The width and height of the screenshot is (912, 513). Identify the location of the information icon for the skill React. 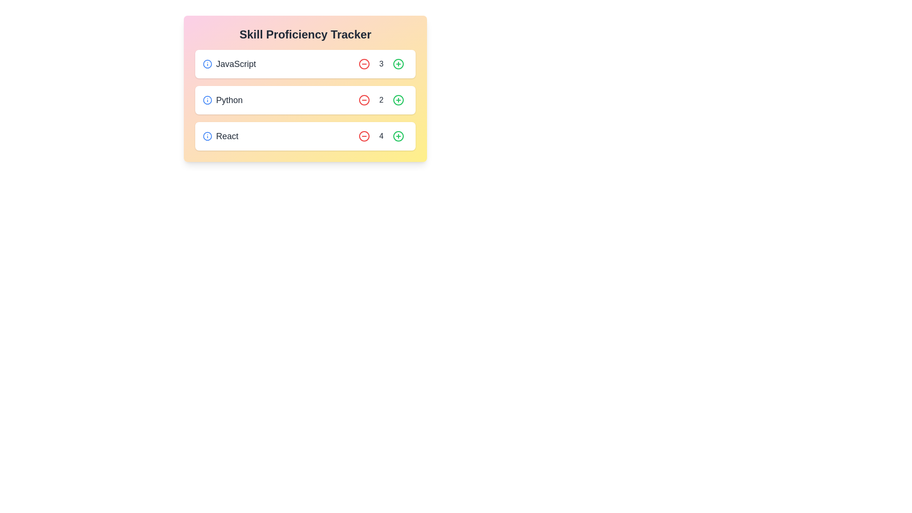
(207, 136).